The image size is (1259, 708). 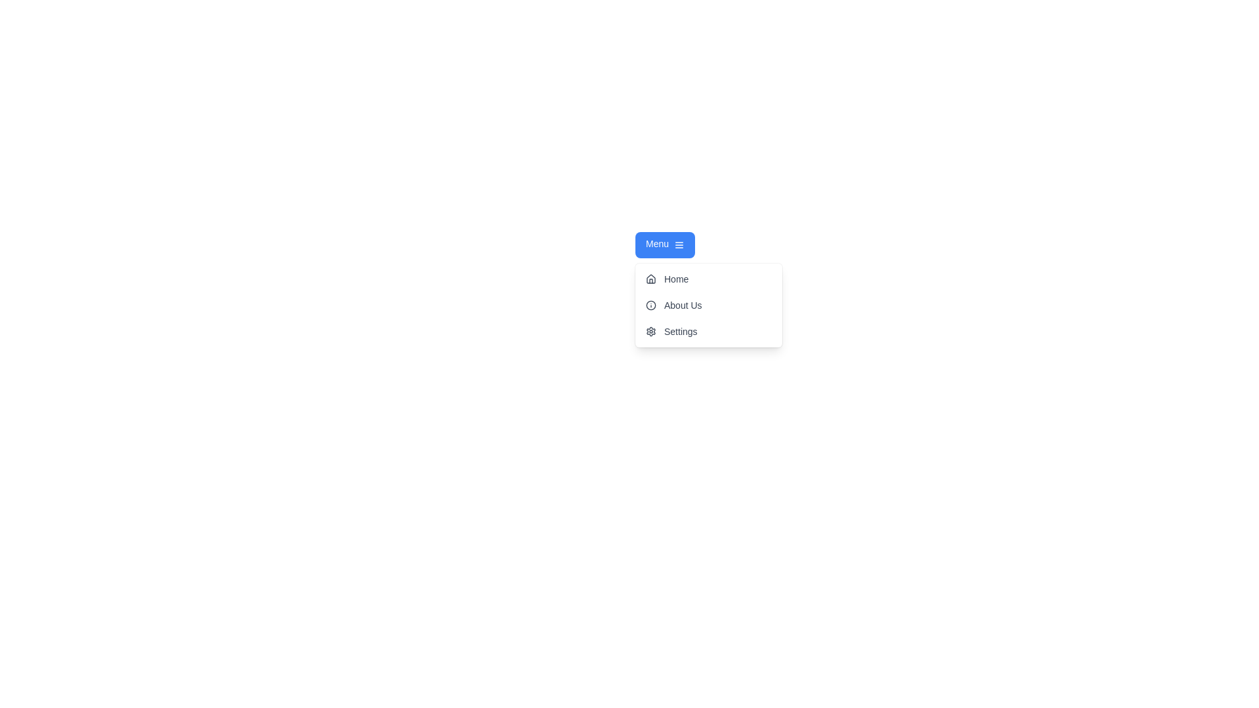 I want to click on the second option in the vertical menu list, so click(x=708, y=305).